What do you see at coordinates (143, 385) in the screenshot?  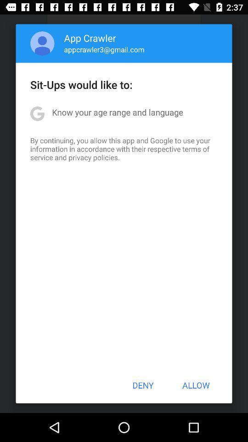 I see `the button to the left of allow icon` at bounding box center [143, 385].